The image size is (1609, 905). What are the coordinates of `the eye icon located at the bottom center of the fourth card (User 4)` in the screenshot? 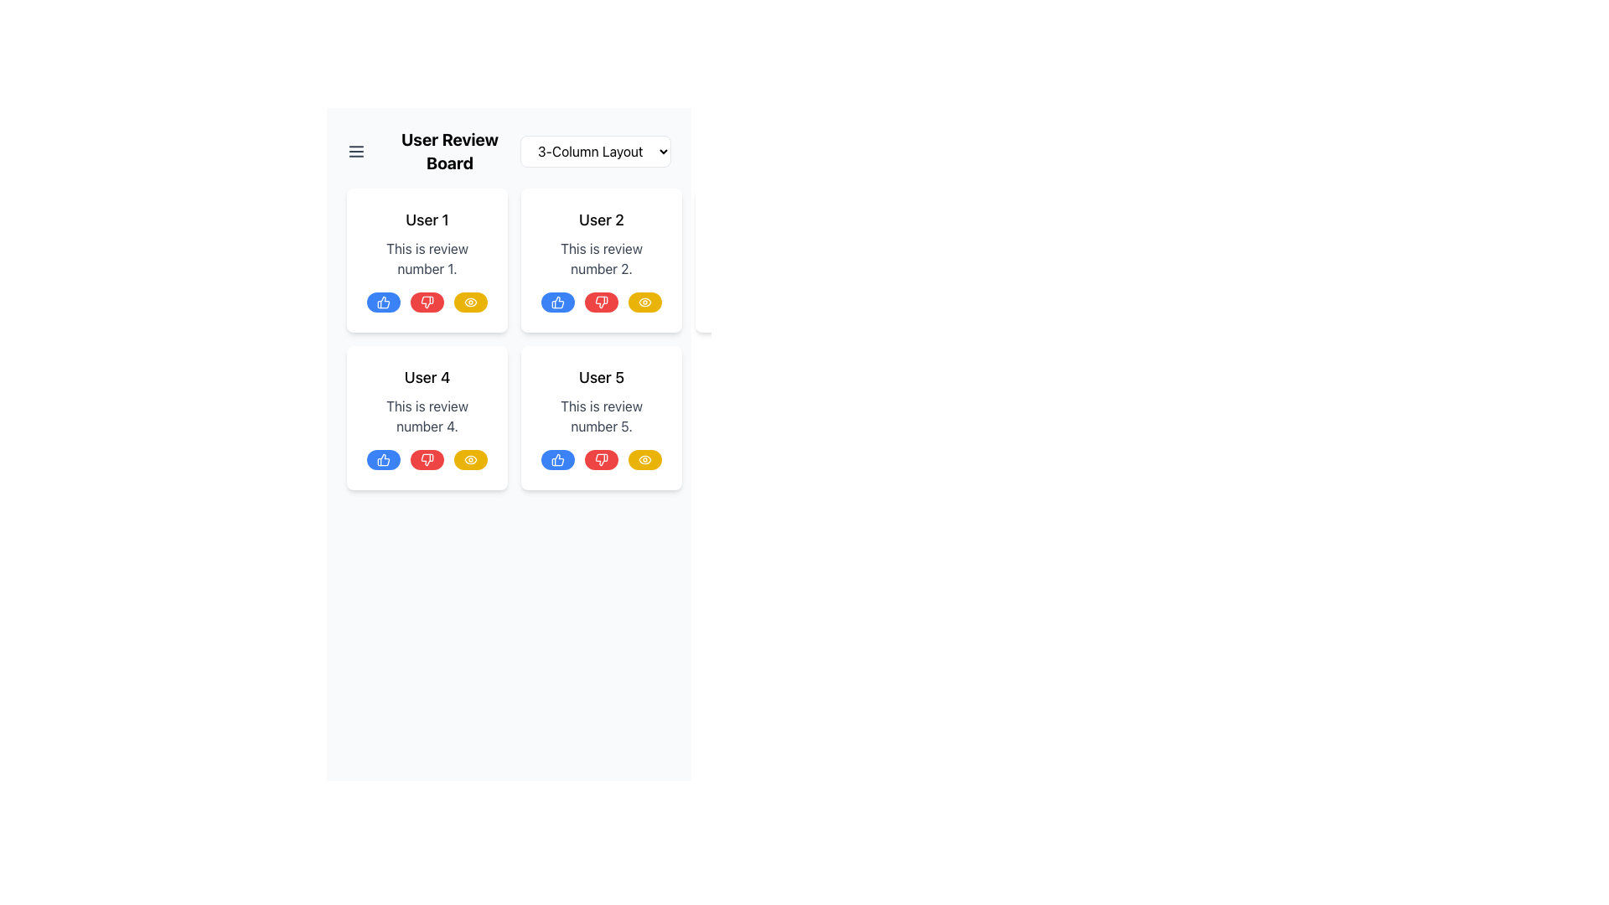 It's located at (469, 303).